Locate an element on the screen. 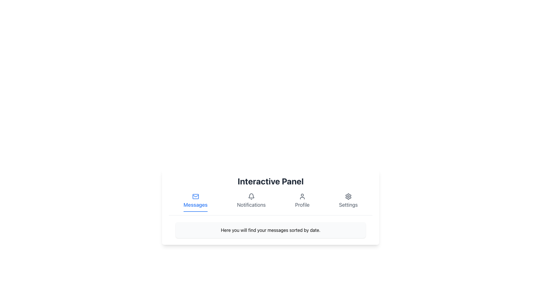 The height and width of the screenshot is (305, 543). text label for the 'Messages' section located below the mail envelope icon in the navigation menu is located at coordinates (195, 205).